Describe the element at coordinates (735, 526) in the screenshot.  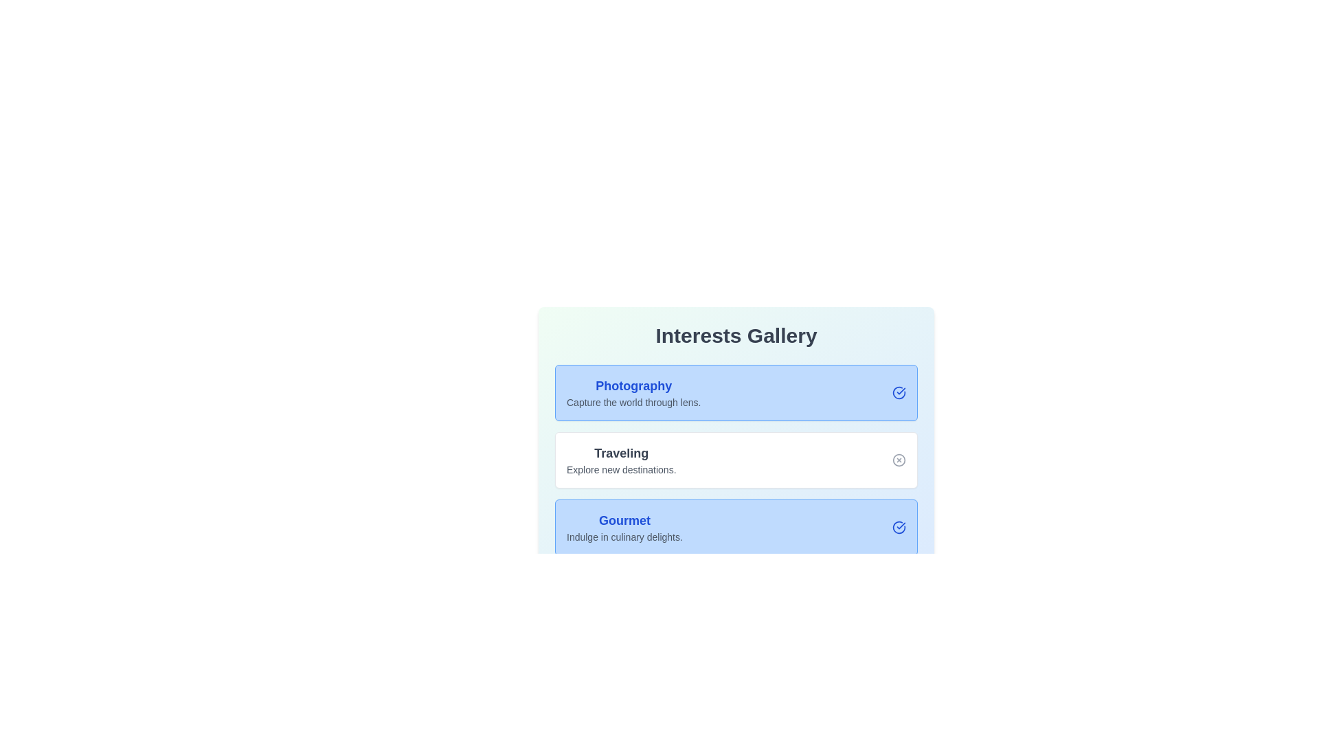
I see `the interest card labeled 'Gourmet' to toggle its activity state` at that location.